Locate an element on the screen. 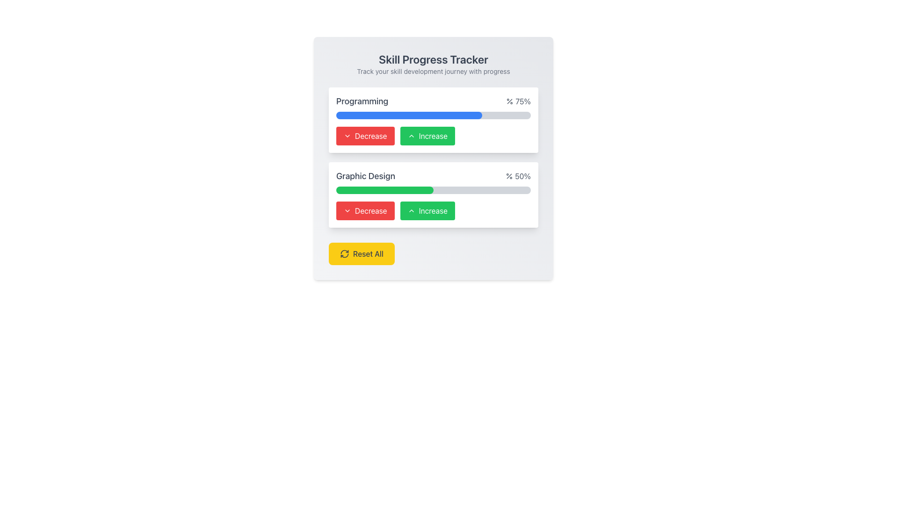 Image resolution: width=898 pixels, height=505 pixels. text label that states 'Track your skill development journey with progress', located directly below the title 'Skill Progress Tracker' is located at coordinates (433, 71).